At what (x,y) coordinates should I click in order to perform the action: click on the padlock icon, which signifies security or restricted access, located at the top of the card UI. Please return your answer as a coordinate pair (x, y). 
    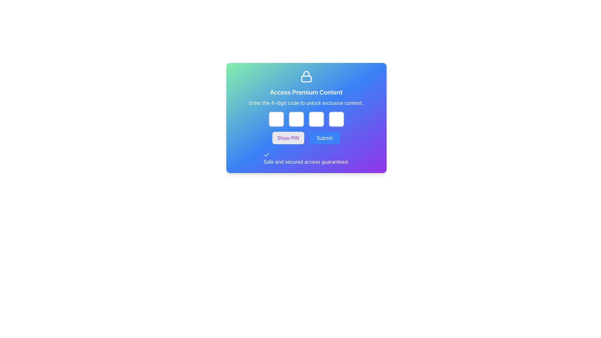
    Looking at the image, I should click on (306, 76).